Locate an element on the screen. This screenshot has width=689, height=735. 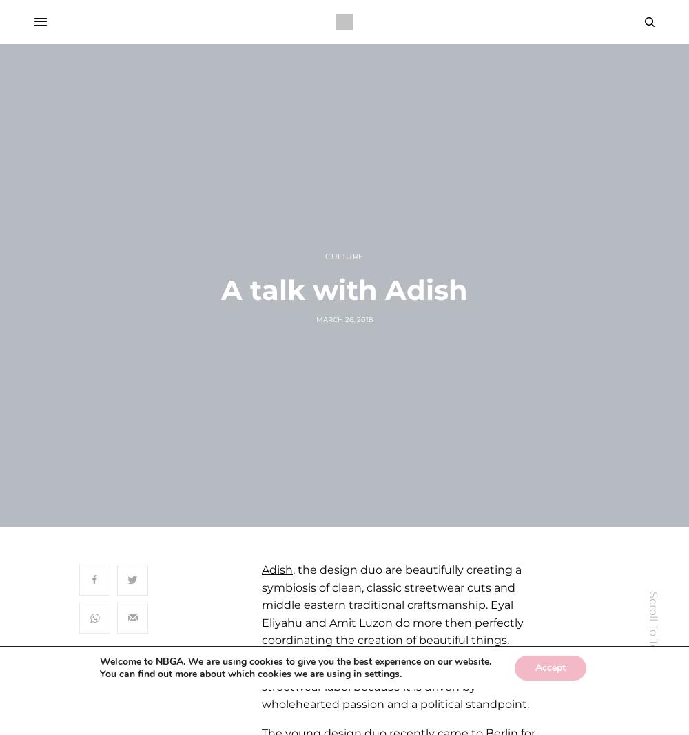
'Adish' is located at coordinates (277, 570).